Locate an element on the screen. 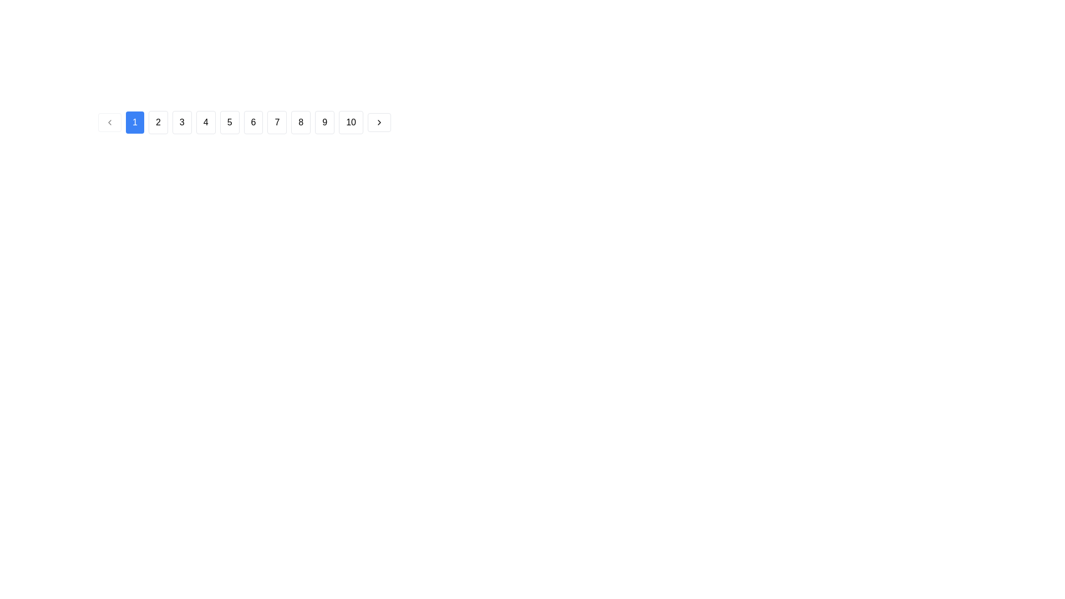 Image resolution: width=1065 pixels, height=599 pixels. the rectangular button displaying the number '7' on a white background for a possible tooltip is located at coordinates (277, 122).